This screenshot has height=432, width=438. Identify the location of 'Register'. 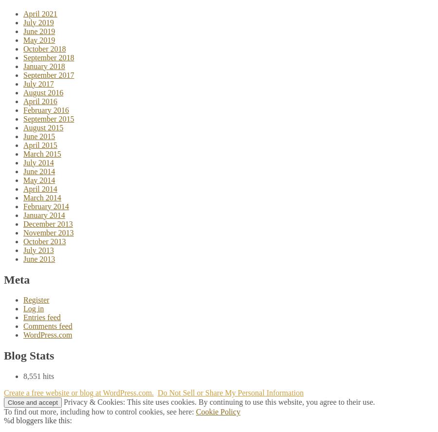
(36, 299).